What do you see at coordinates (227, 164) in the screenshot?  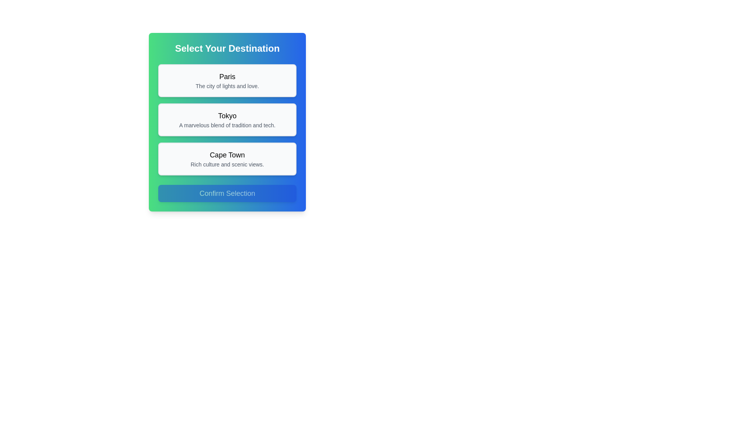 I see `the text element displaying 'Rich culture and scenic views.' which is located below the 'Cape Town' card in the selection form` at bounding box center [227, 164].